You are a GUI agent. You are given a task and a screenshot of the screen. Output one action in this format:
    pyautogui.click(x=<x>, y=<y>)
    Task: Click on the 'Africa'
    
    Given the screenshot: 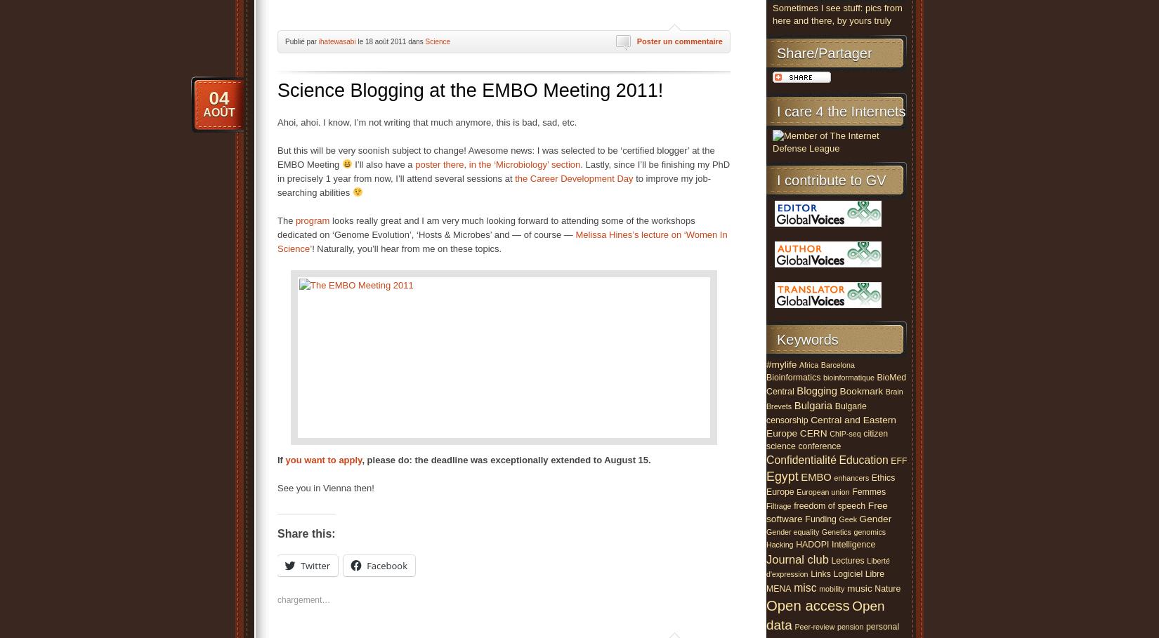 What is the action you would take?
    pyautogui.click(x=808, y=364)
    